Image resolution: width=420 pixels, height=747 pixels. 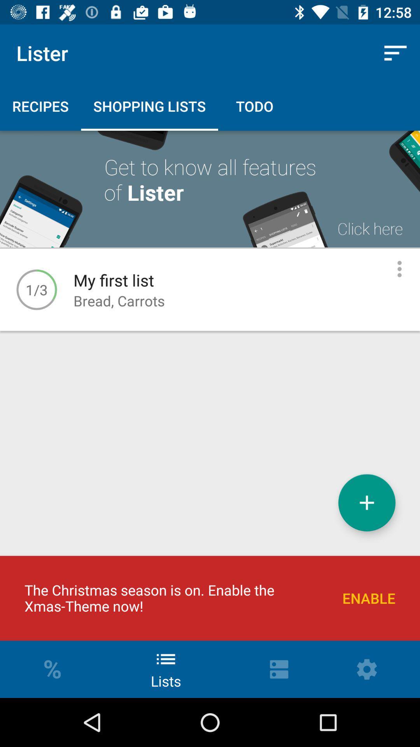 I want to click on the add icon, so click(x=367, y=503).